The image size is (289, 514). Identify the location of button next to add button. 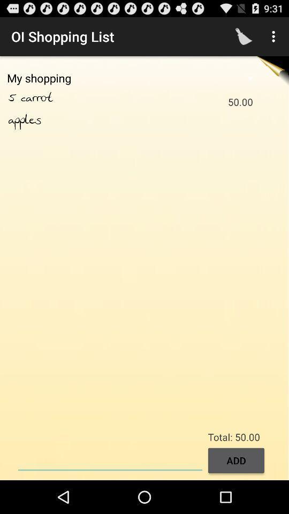
(110, 459).